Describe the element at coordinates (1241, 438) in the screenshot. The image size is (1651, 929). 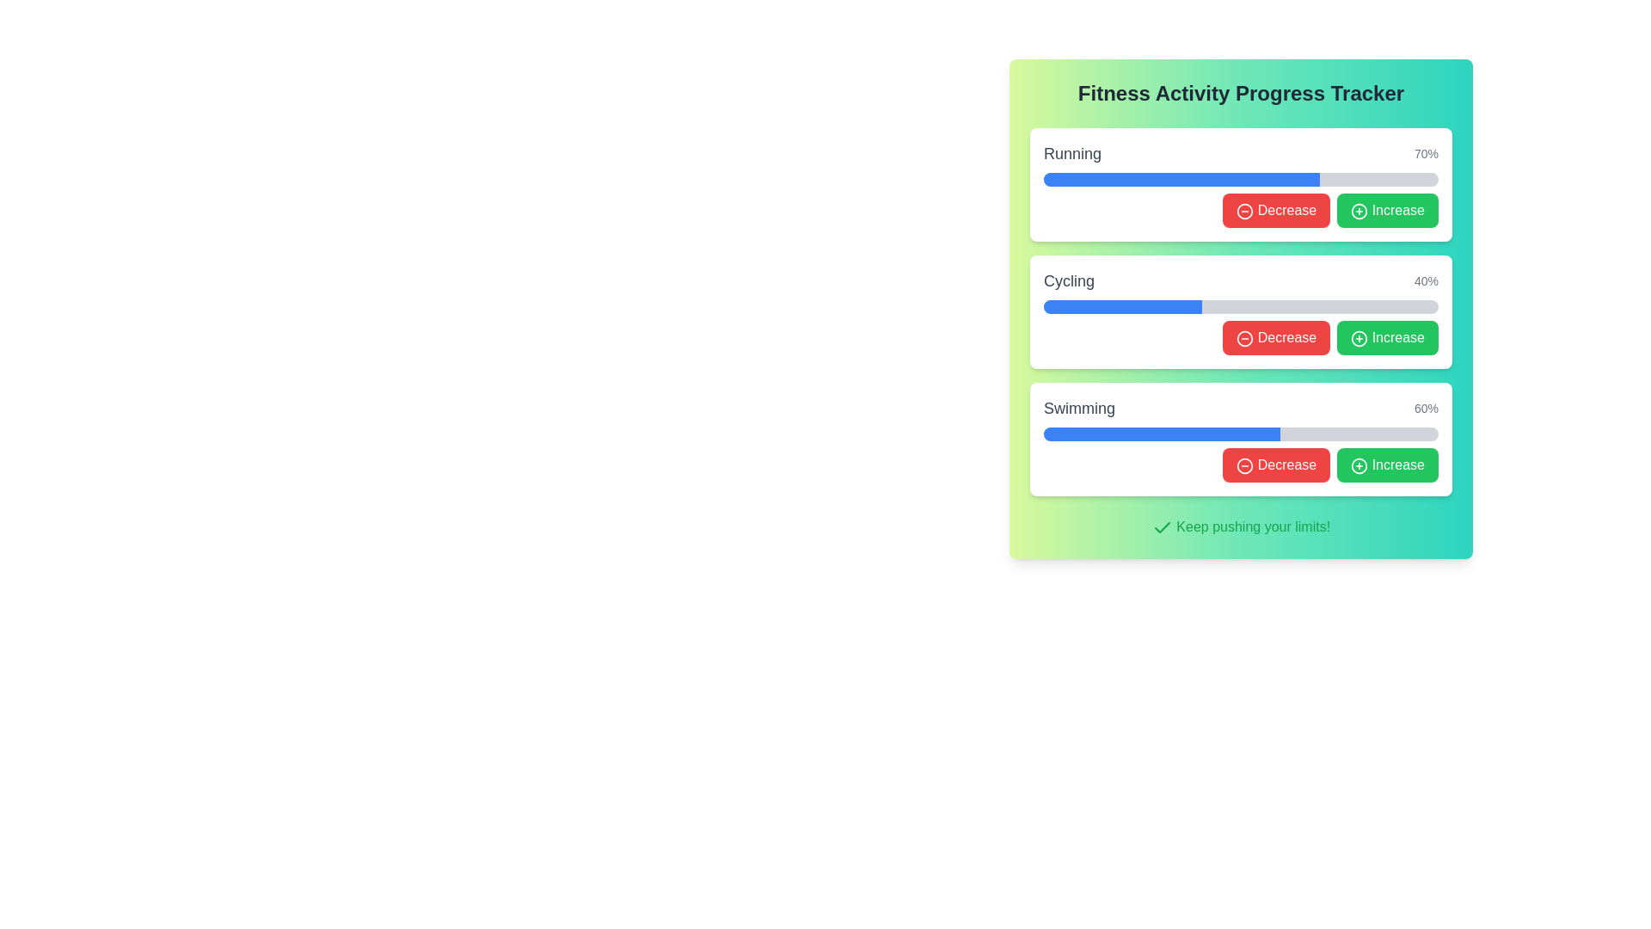
I see `the 'Swimming' activity progress card, which is the third card in the vertically arranged list under the 'Fitness Activity Progress Tracker'` at that location.